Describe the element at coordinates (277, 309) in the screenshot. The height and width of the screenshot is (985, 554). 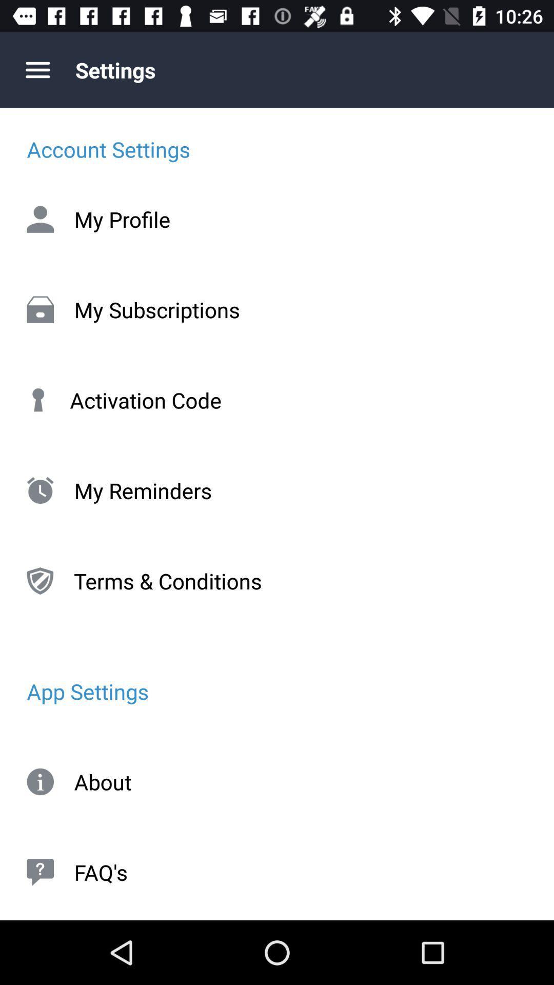
I see `the my subscriptions item` at that location.